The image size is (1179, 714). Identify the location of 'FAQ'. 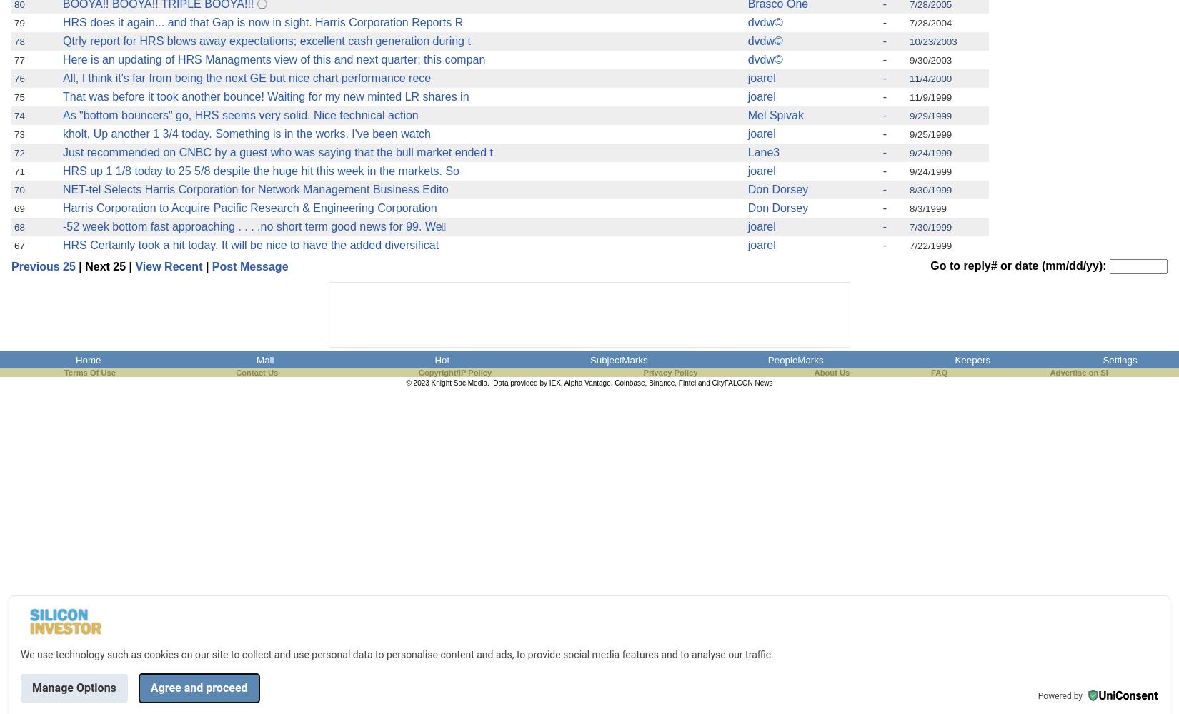
(938, 373).